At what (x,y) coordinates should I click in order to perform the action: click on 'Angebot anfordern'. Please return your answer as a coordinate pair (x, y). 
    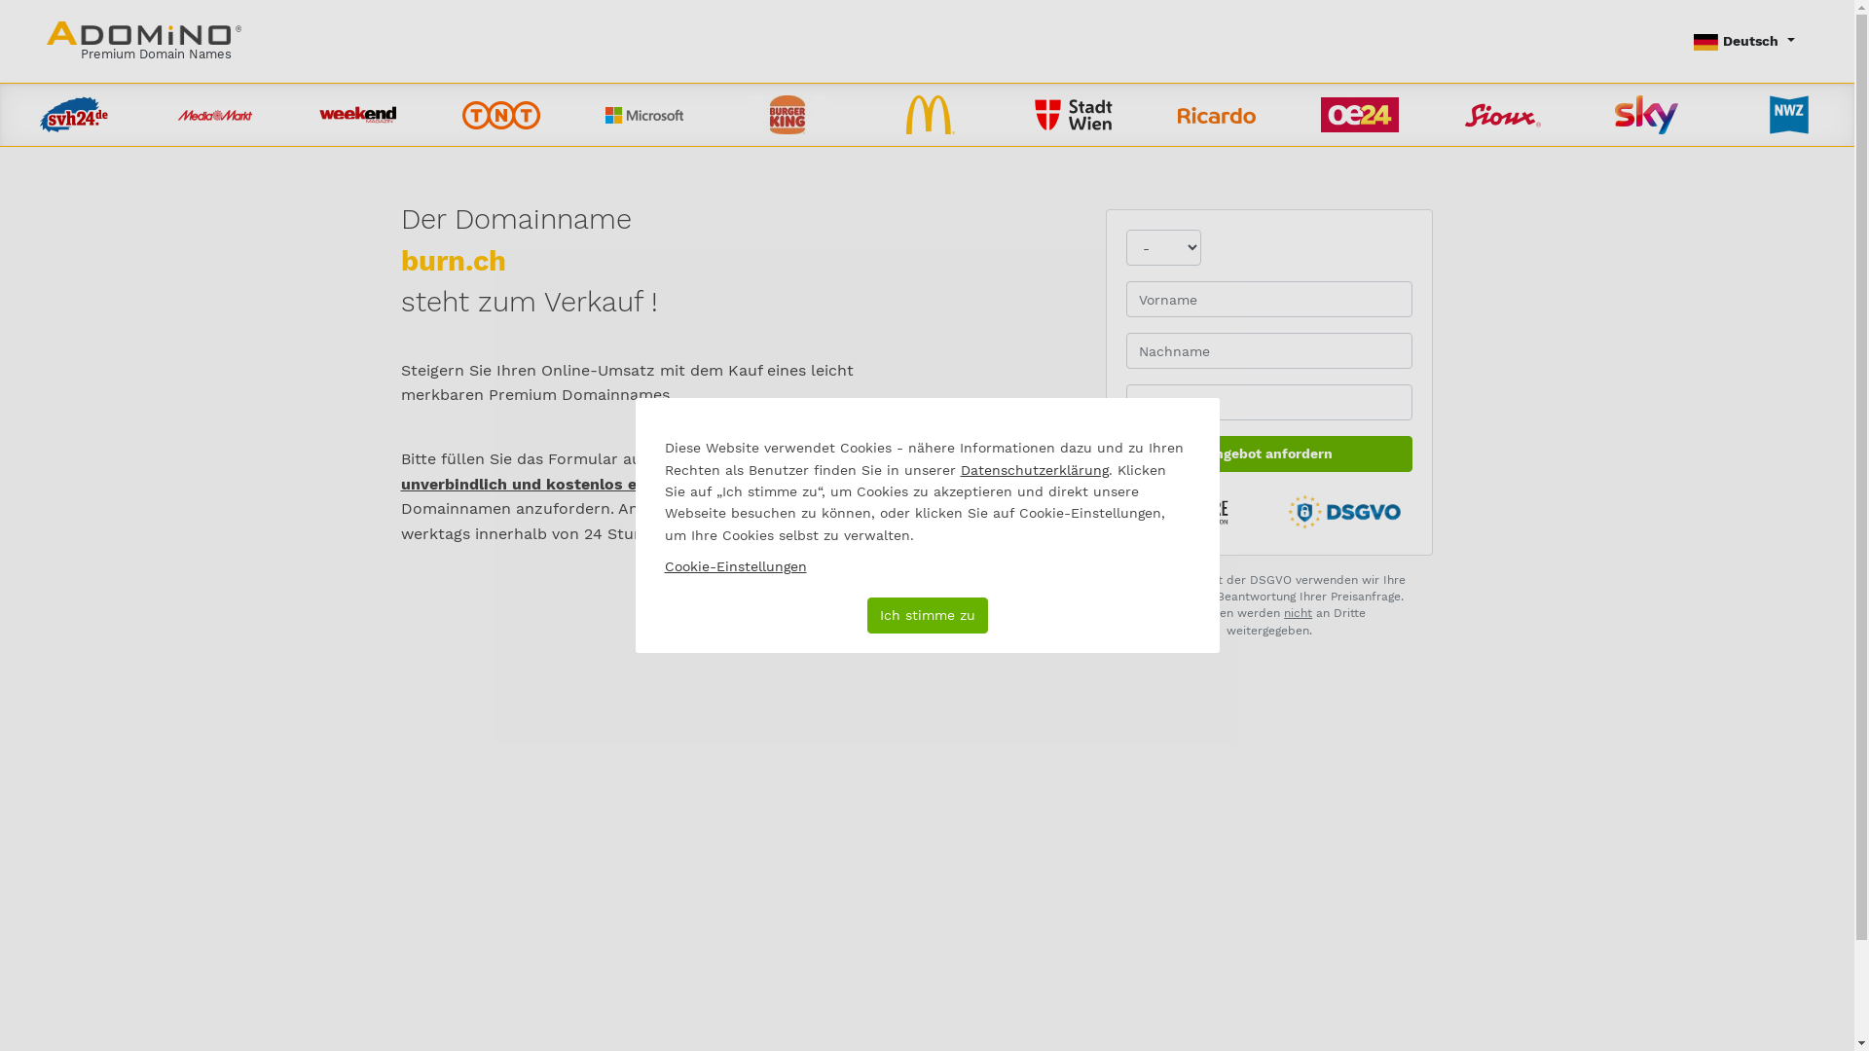
    Looking at the image, I should click on (1269, 453).